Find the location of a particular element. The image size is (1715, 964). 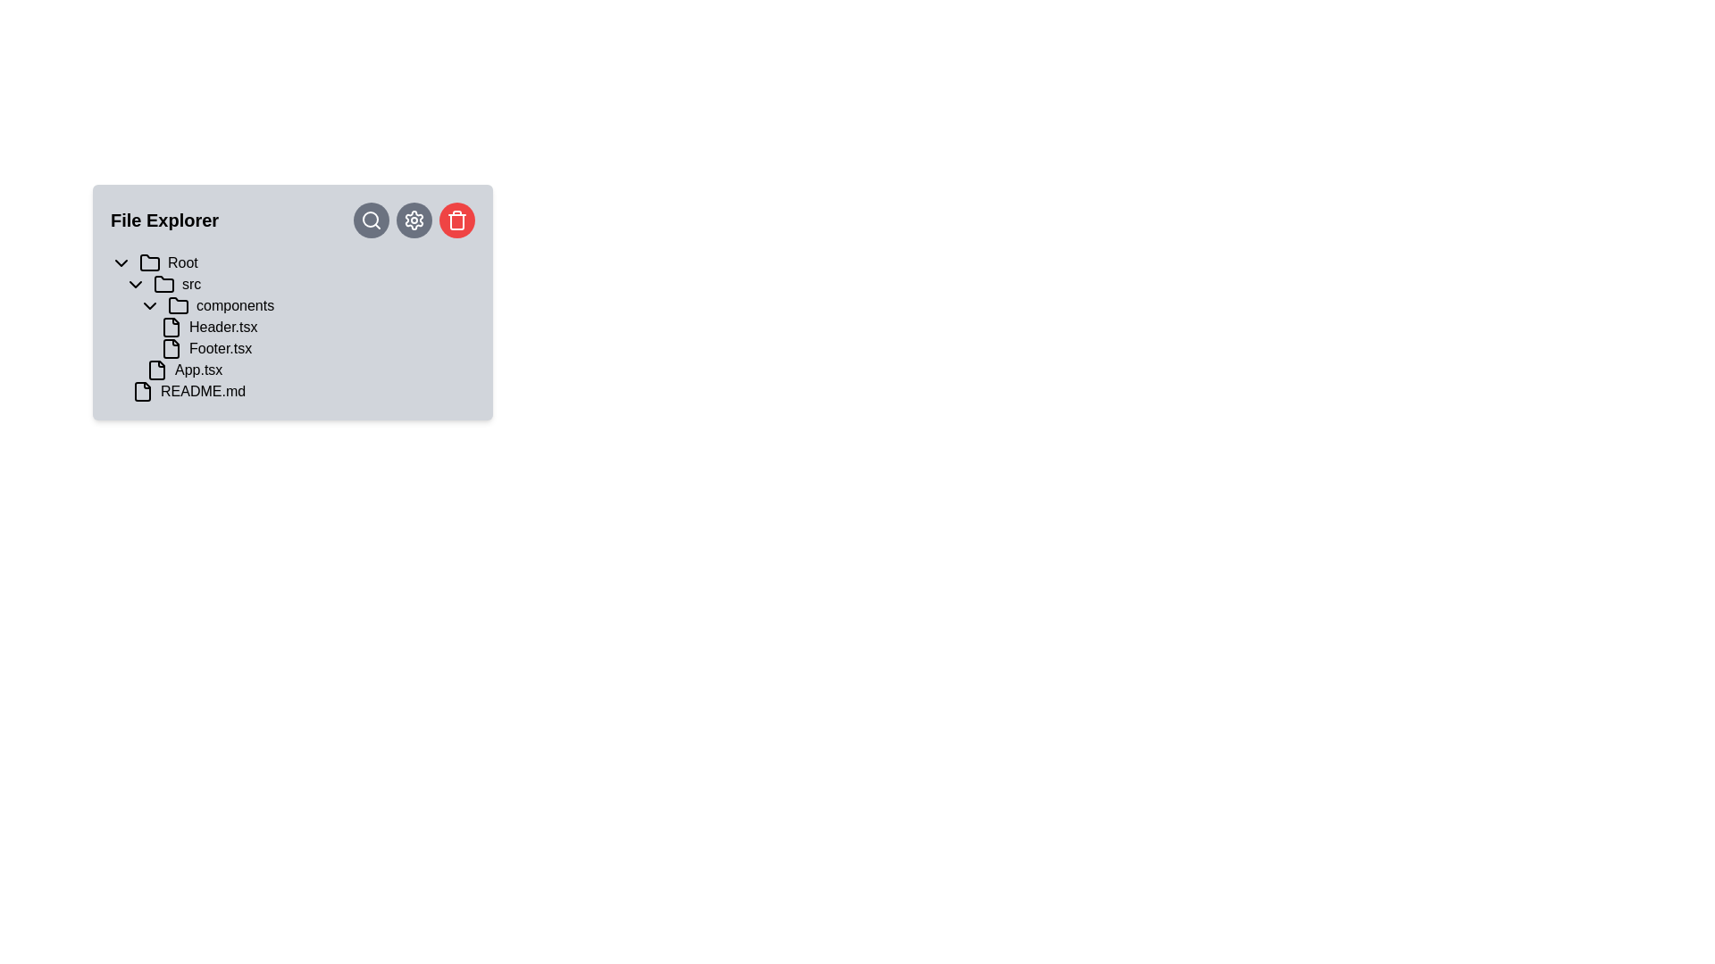

the text label displaying 'App.tsx' in the file explorer interface is located at coordinates (198, 370).